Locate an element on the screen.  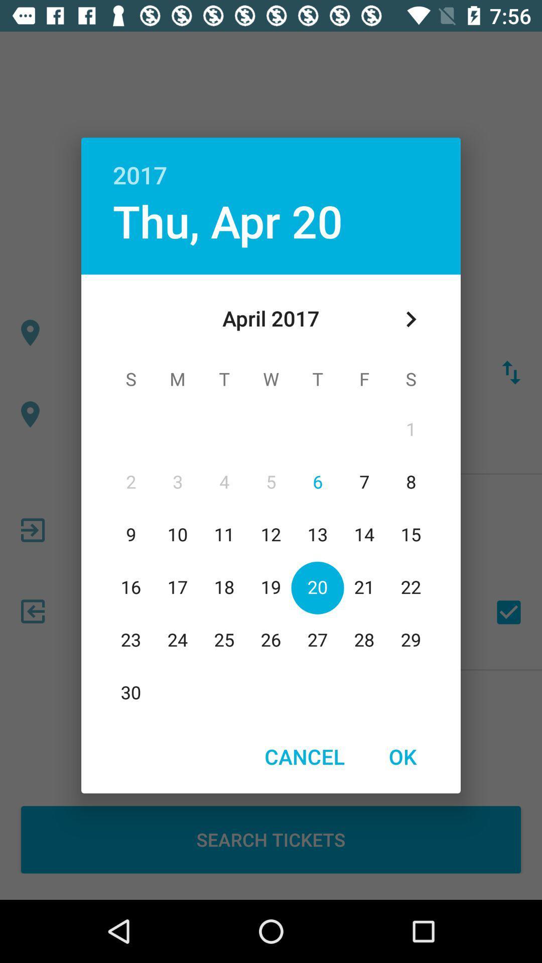
item next to the ok button is located at coordinates (304, 756).